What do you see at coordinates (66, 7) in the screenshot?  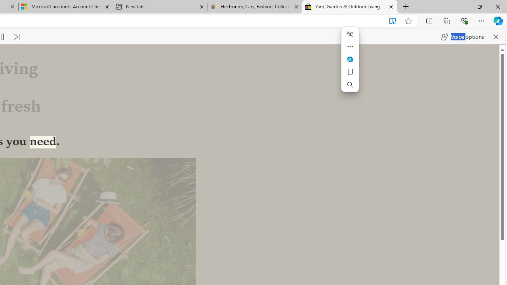 I see `'Microsoft account | Account Checkup'` at bounding box center [66, 7].